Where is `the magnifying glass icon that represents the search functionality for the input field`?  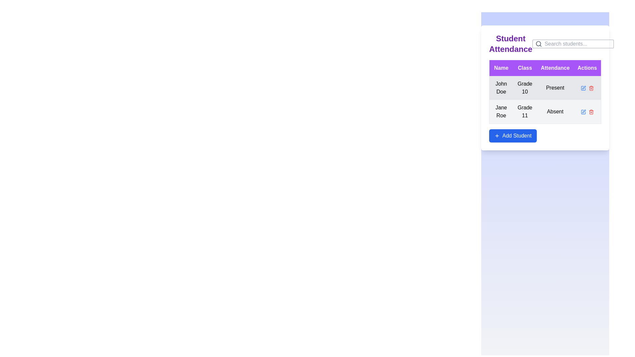 the magnifying glass icon that represents the search functionality for the input field is located at coordinates (538, 44).